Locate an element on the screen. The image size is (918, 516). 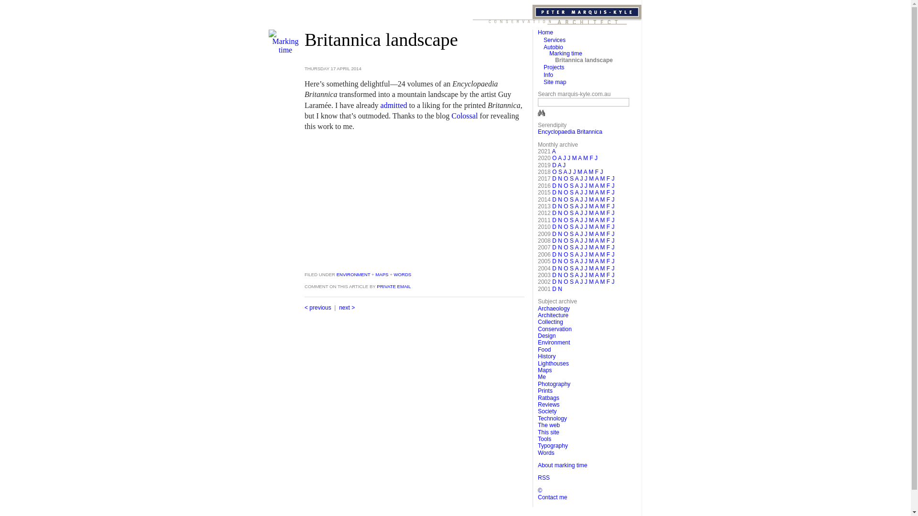
'Society' is located at coordinates (537, 410).